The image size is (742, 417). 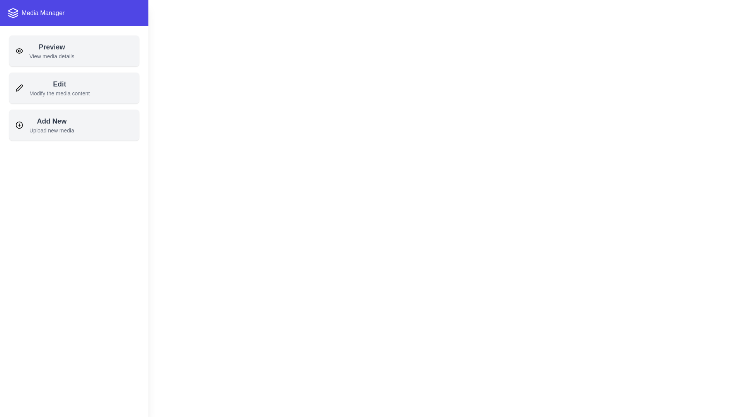 What do you see at coordinates (51, 125) in the screenshot?
I see `the 'Add New' button to upload new media` at bounding box center [51, 125].